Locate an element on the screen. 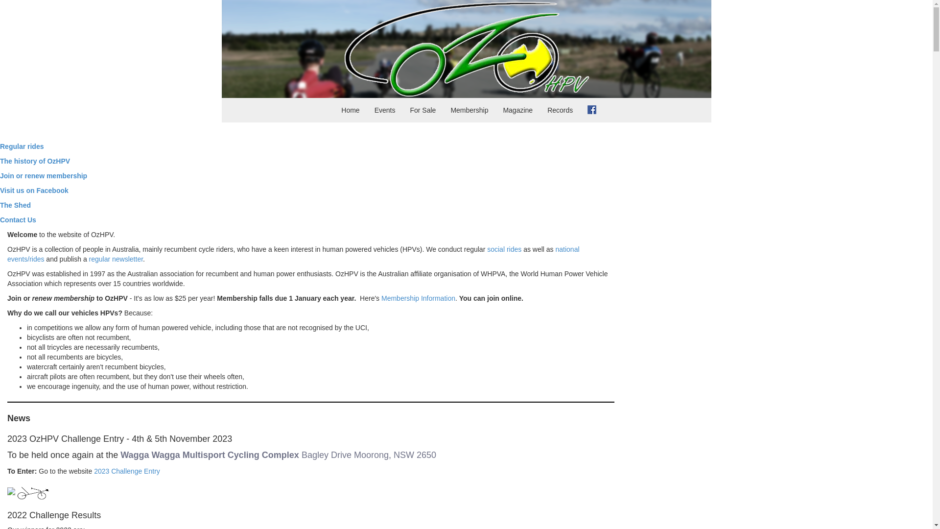 The width and height of the screenshot is (940, 529). 'Records' is located at coordinates (560, 110).